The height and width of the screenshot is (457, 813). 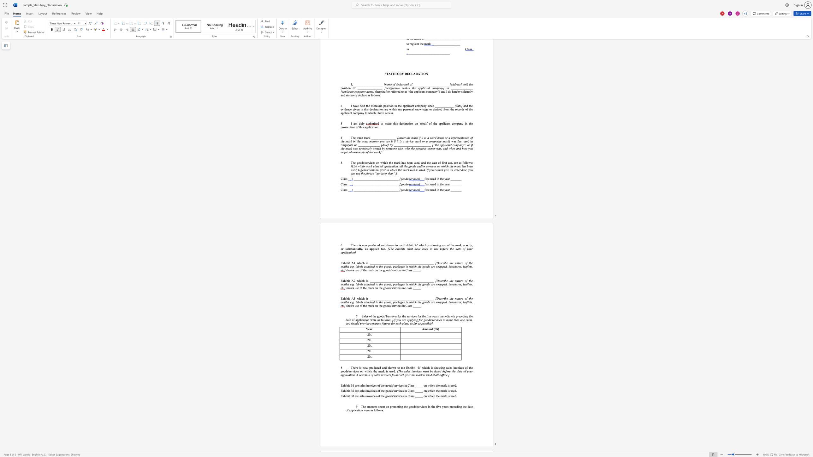 What do you see at coordinates (416, 316) in the screenshot?
I see `the 4th character "s" in the text` at bounding box center [416, 316].